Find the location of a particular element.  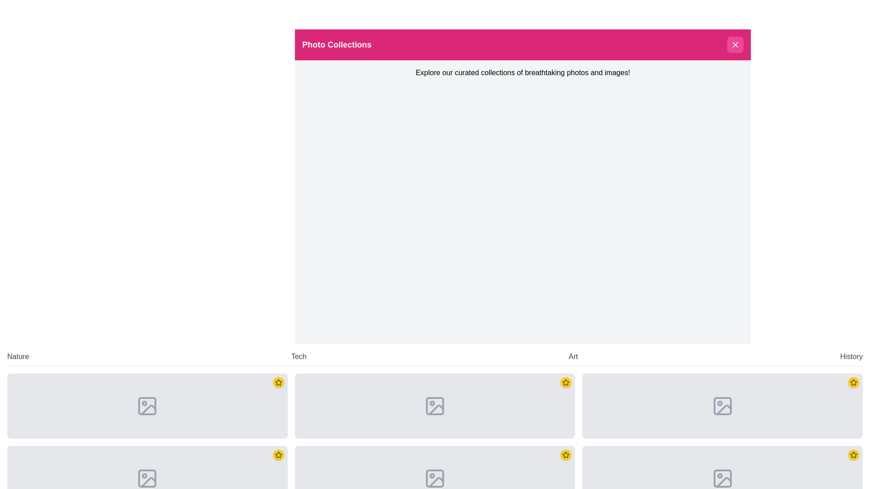

the star icon located at the top-right corner of a card in the second row of a grid layout under the 'Tech' category is located at coordinates (278, 382).